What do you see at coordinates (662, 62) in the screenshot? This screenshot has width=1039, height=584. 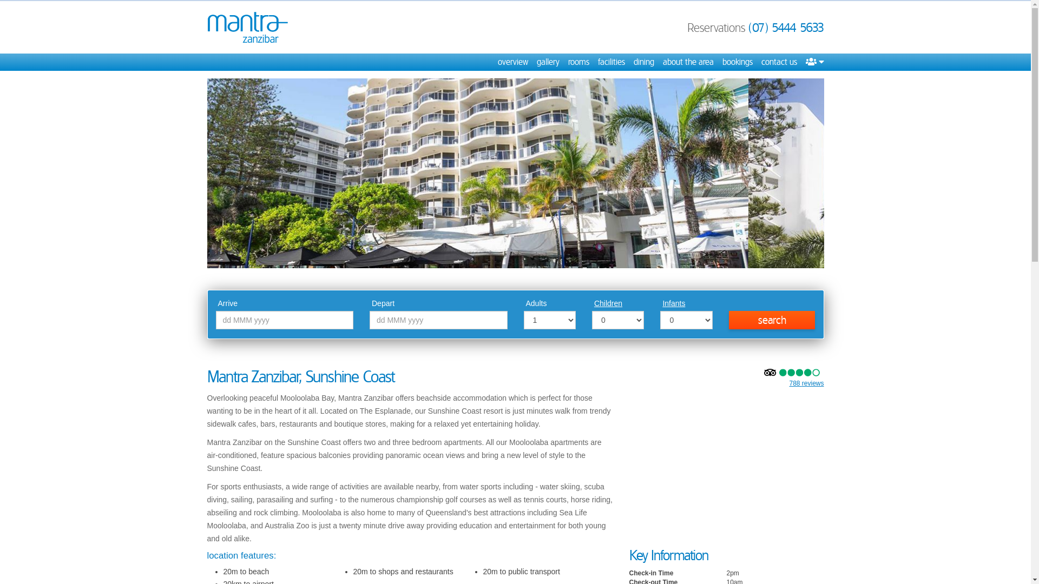 I see `'about the area'` at bounding box center [662, 62].